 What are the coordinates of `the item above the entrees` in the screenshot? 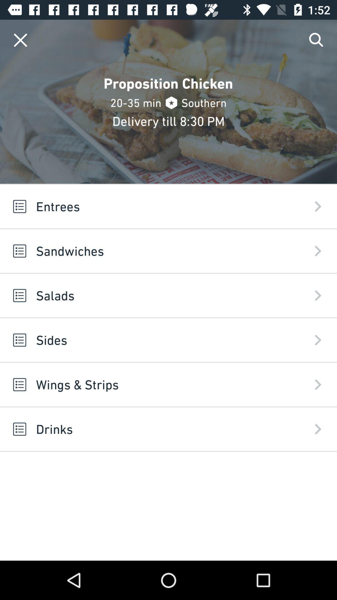 It's located at (20, 40).